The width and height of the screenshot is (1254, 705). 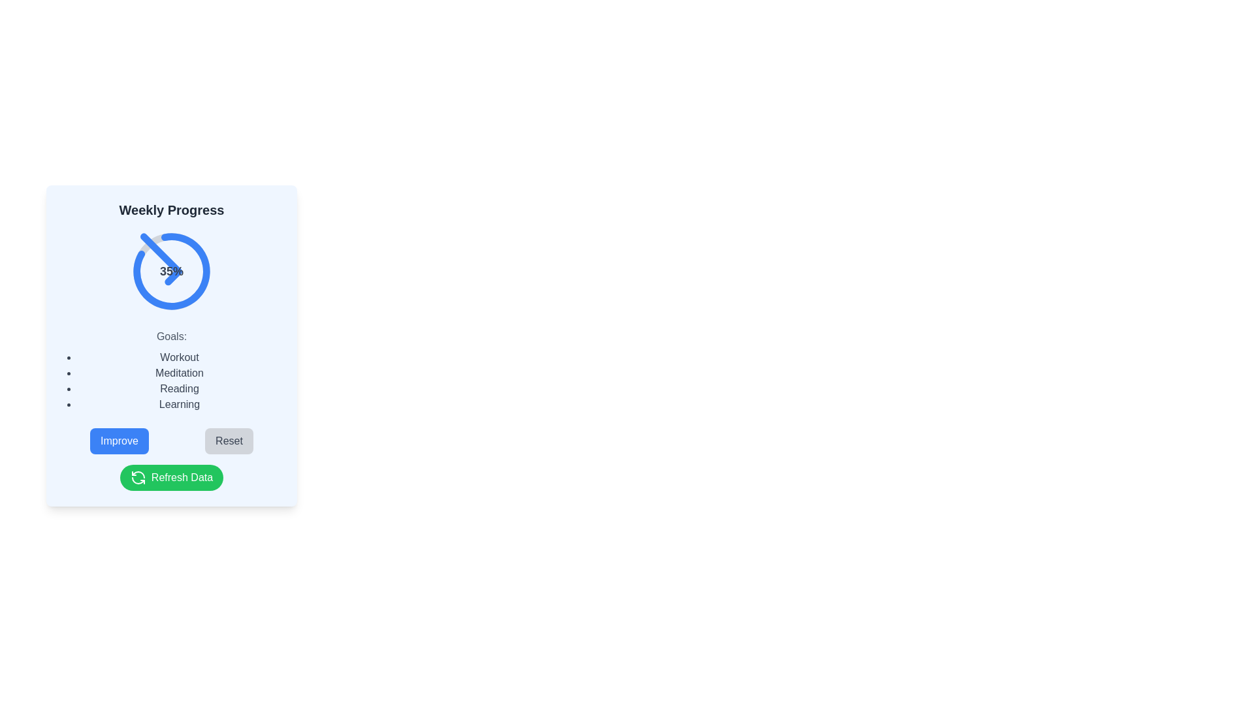 What do you see at coordinates (119, 441) in the screenshot?
I see `the 'Improve' button` at bounding box center [119, 441].